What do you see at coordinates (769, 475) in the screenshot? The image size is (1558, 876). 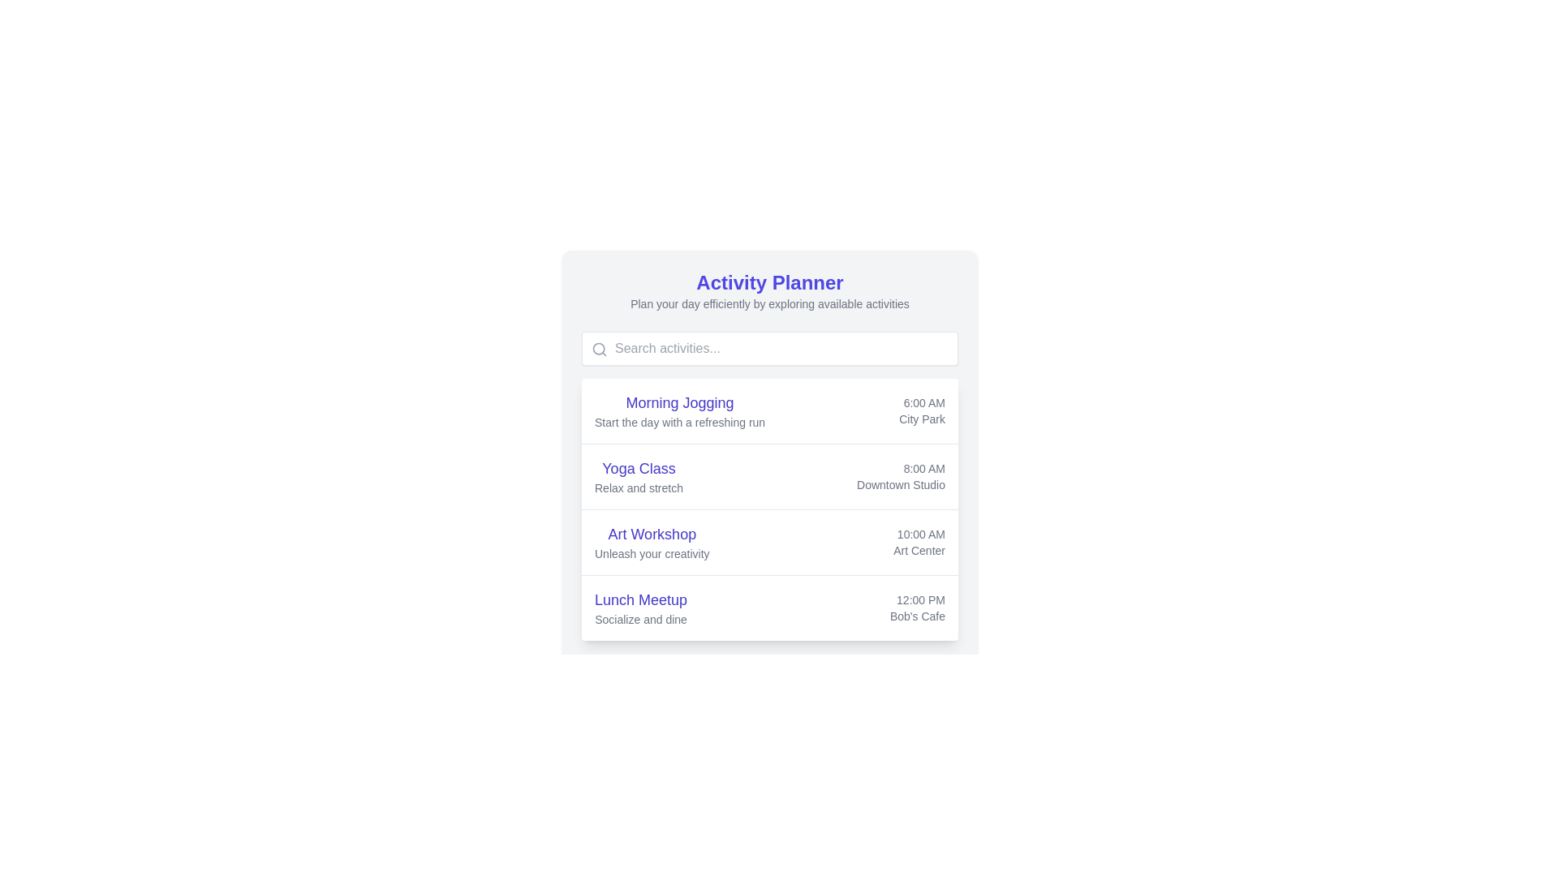 I see `the List item displaying the yoga class description, which includes the class name in bold indigo blue, a brief description in smaller gray font, and the time and location aligned to the right in gray` at bounding box center [769, 475].